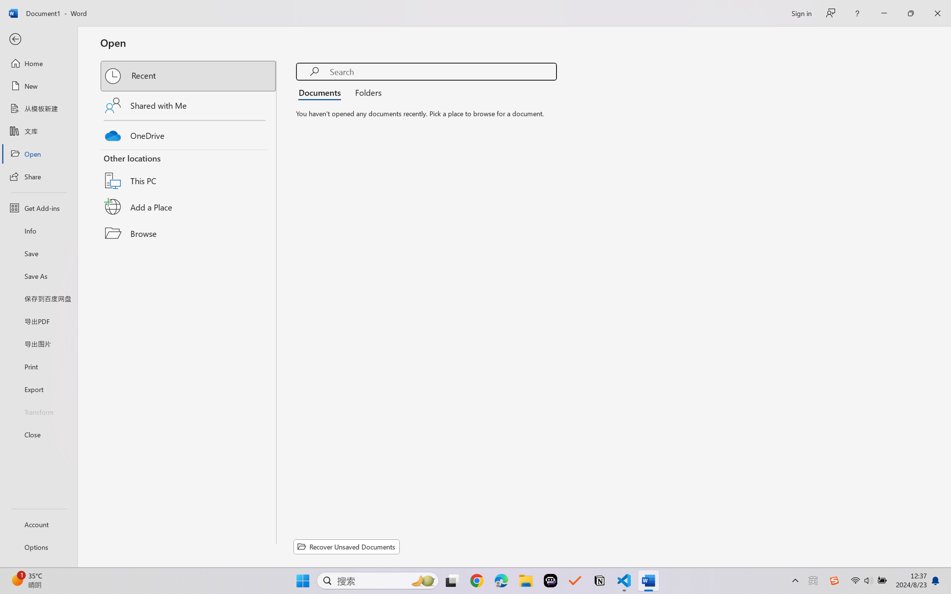  Describe the element at coordinates (347, 546) in the screenshot. I see `'Recover Unsaved Documents'` at that location.